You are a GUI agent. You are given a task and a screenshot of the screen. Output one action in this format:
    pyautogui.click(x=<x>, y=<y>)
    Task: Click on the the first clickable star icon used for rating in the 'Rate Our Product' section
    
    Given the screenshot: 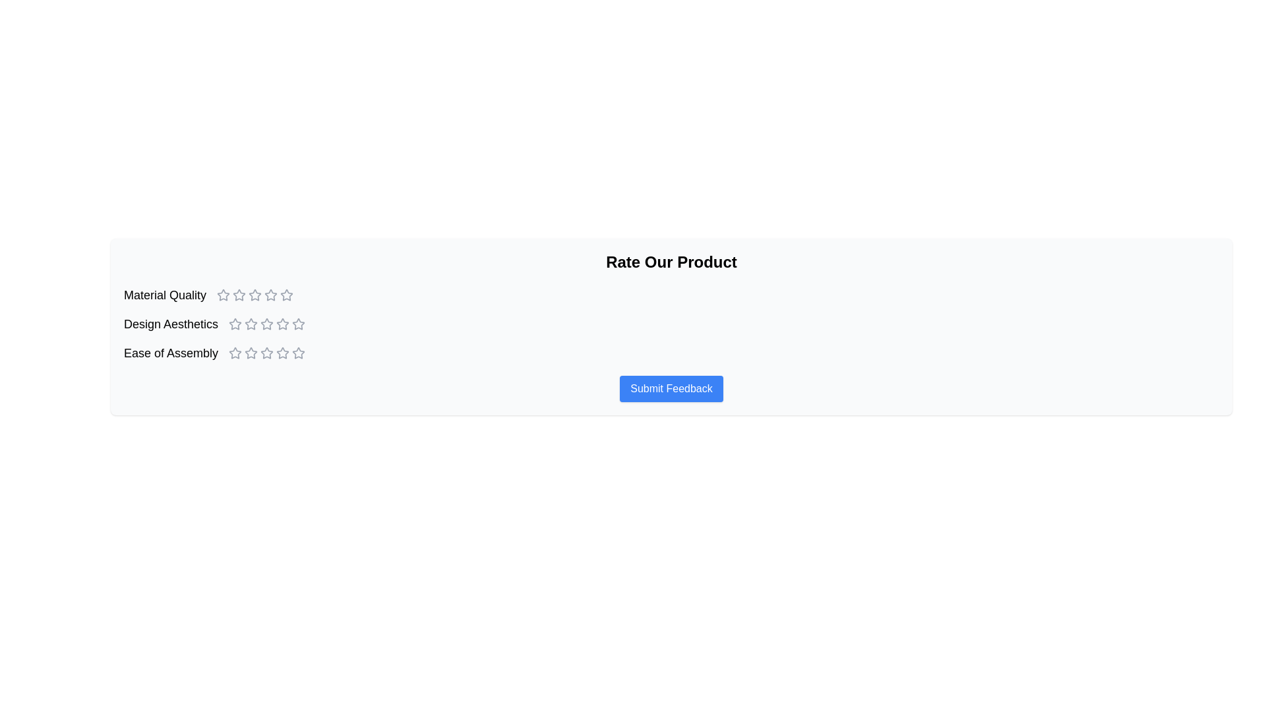 What is the action you would take?
    pyautogui.click(x=224, y=294)
    